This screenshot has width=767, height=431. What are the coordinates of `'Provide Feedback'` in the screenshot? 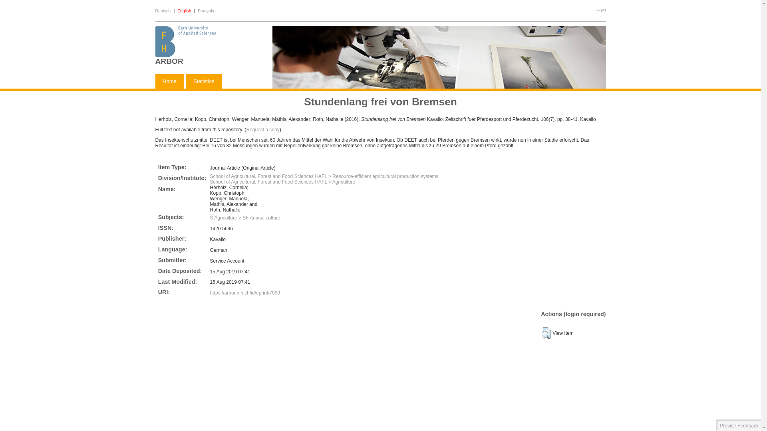 It's located at (719, 425).